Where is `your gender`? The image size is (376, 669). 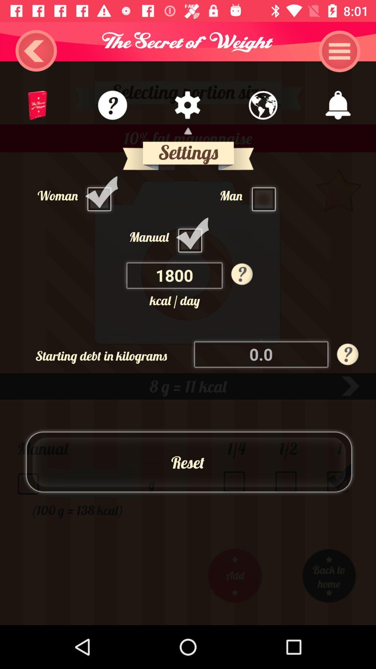 your gender is located at coordinates (101, 195).